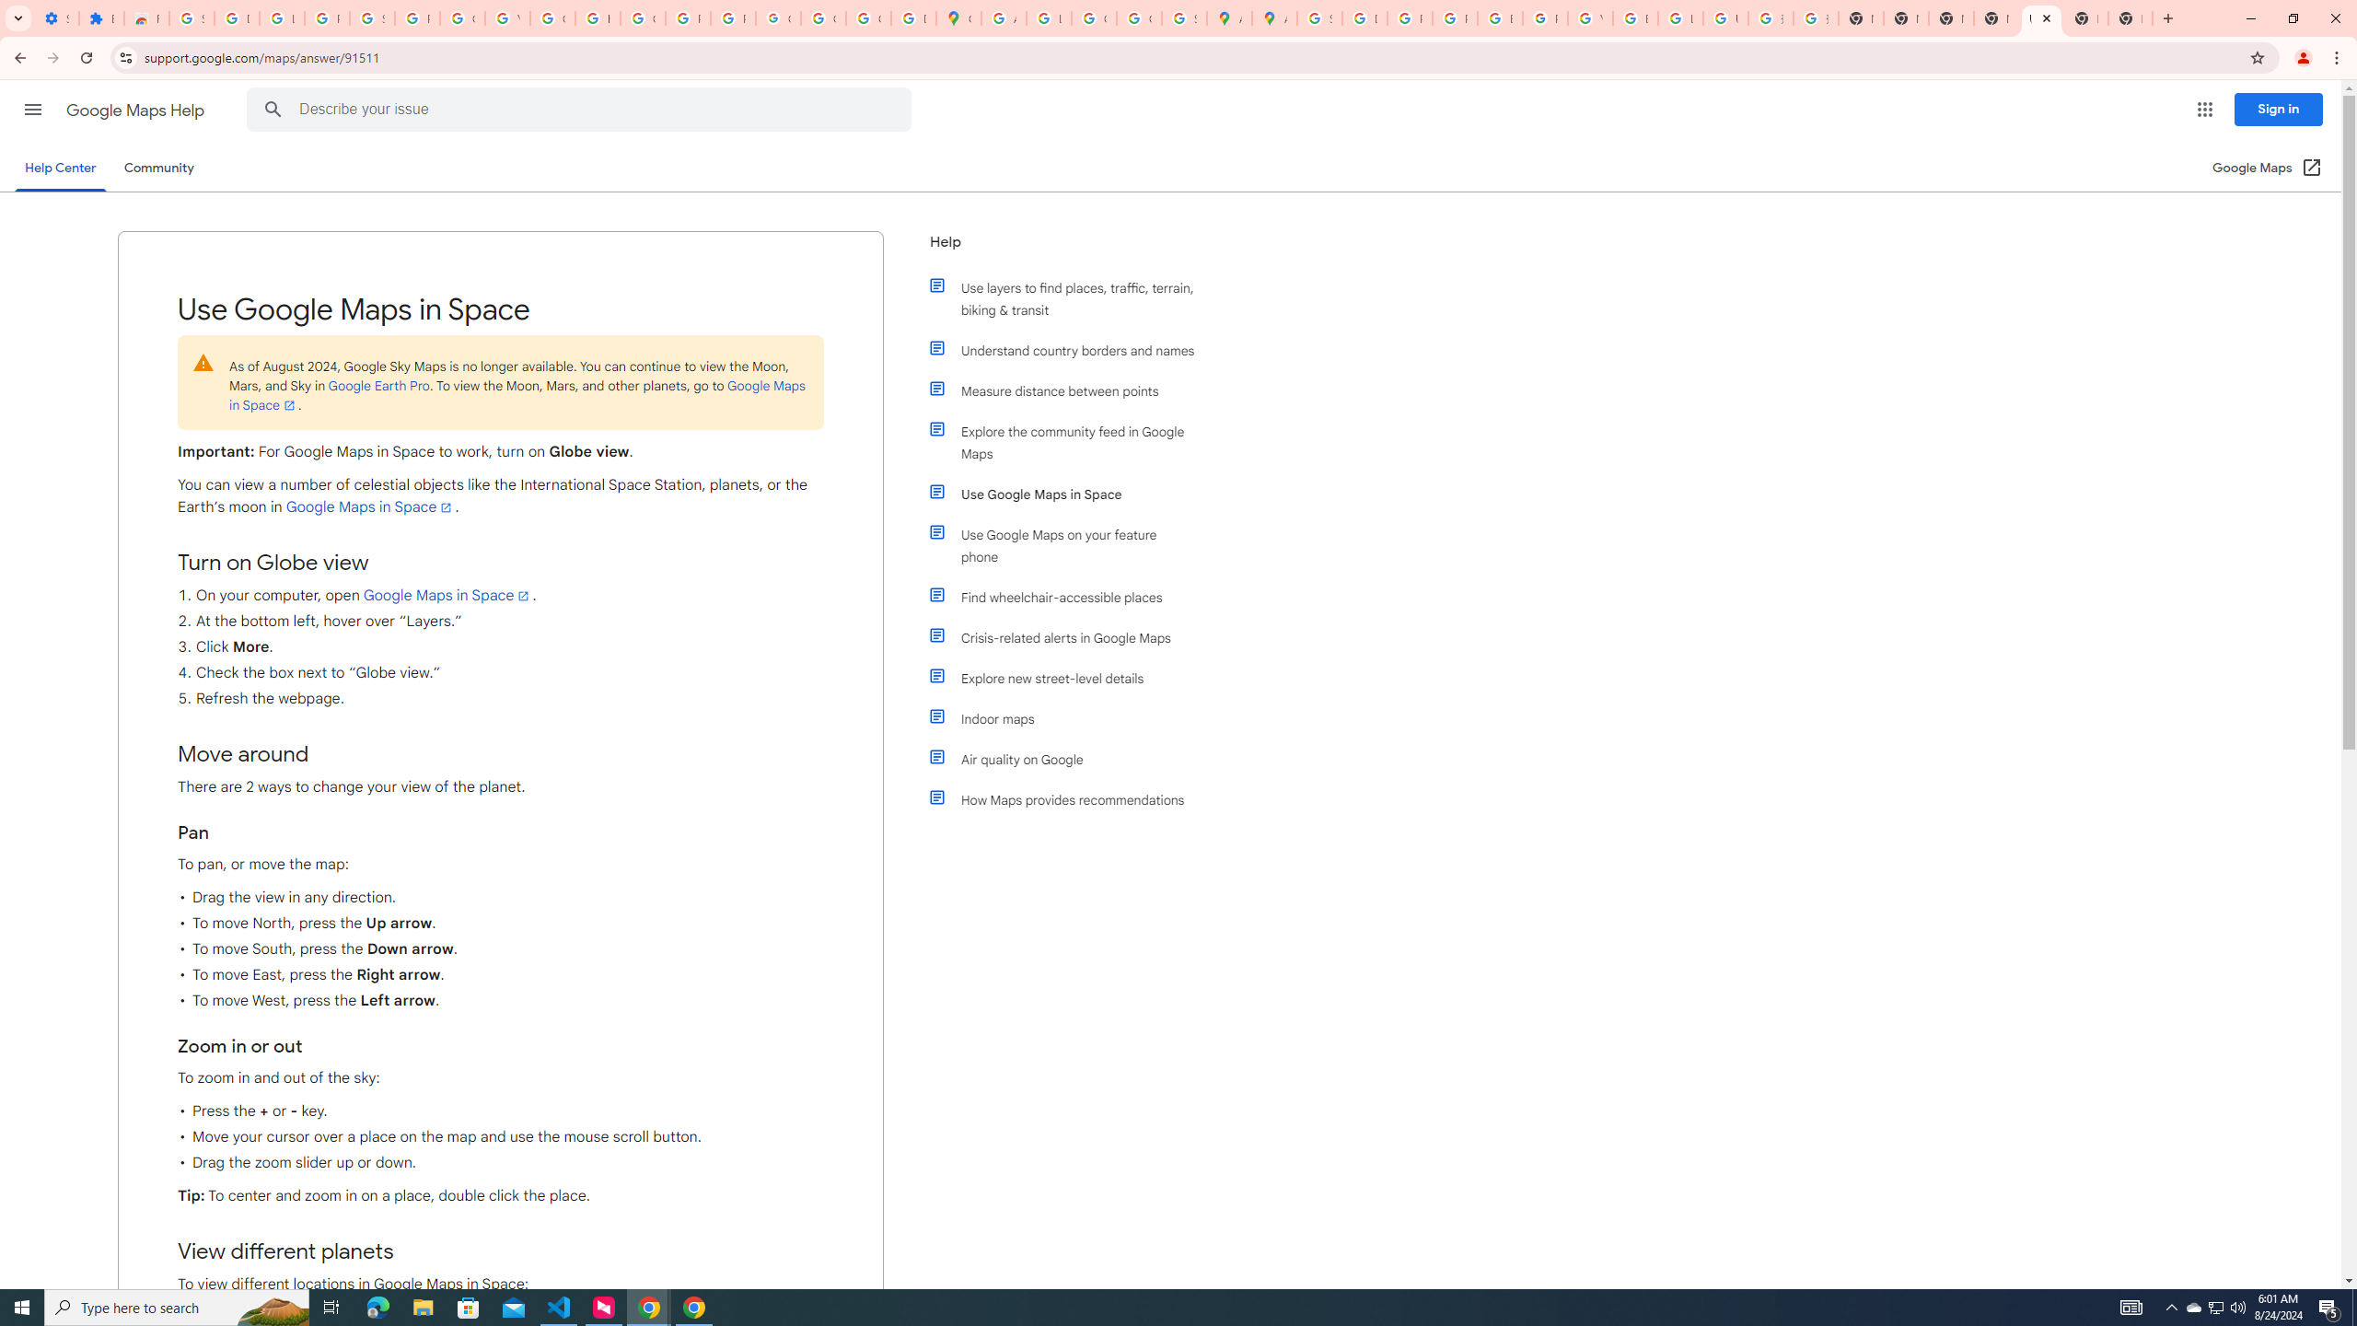 The height and width of the screenshot is (1326, 2357). I want to click on 'Reviews: Helix Fruit Jump Arcade Game', so click(145, 17).